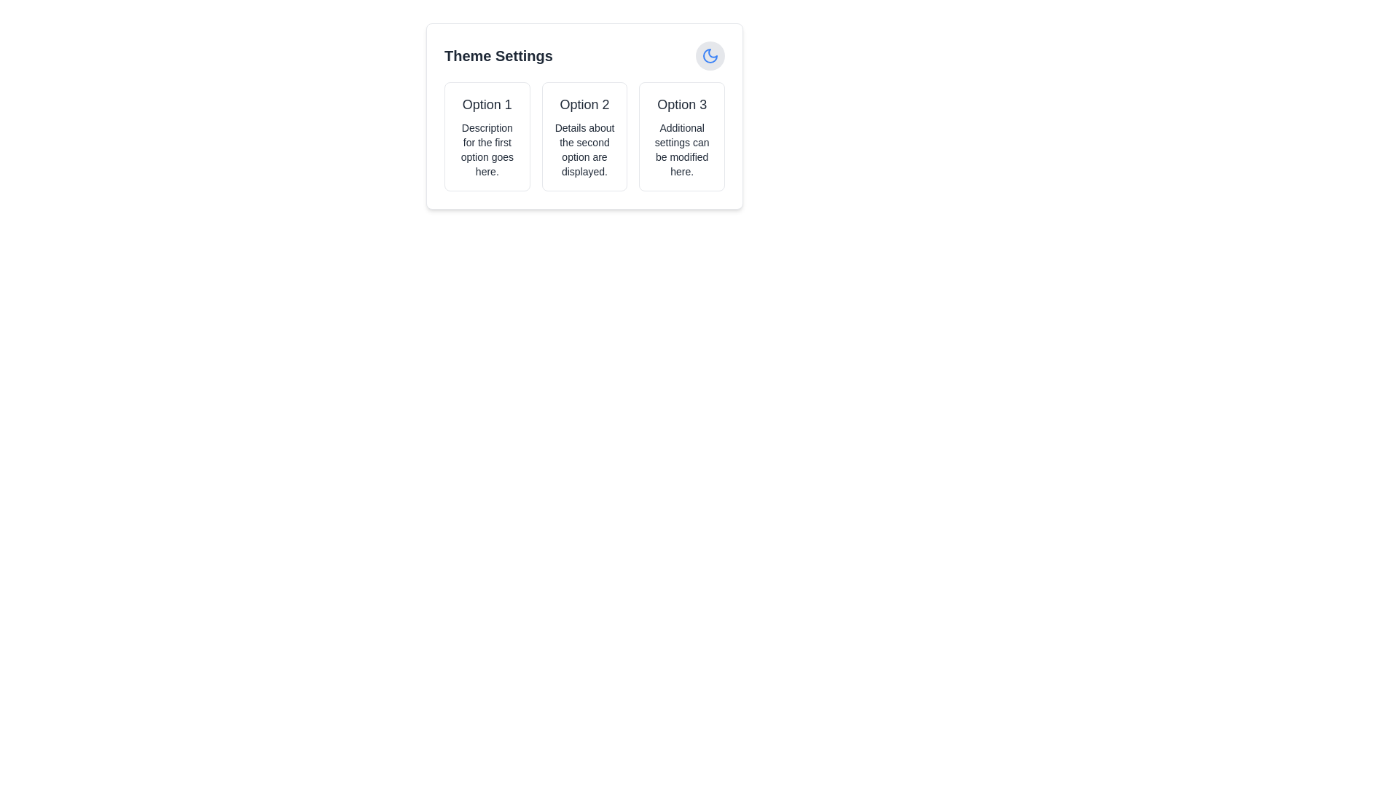 The height and width of the screenshot is (786, 1399). What do you see at coordinates (584, 149) in the screenshot?
I see `the text label that reads 'Details about the second option are displayed.' which is located below the title 'Option 2' in the card layout` at bounding box center [584, 149].